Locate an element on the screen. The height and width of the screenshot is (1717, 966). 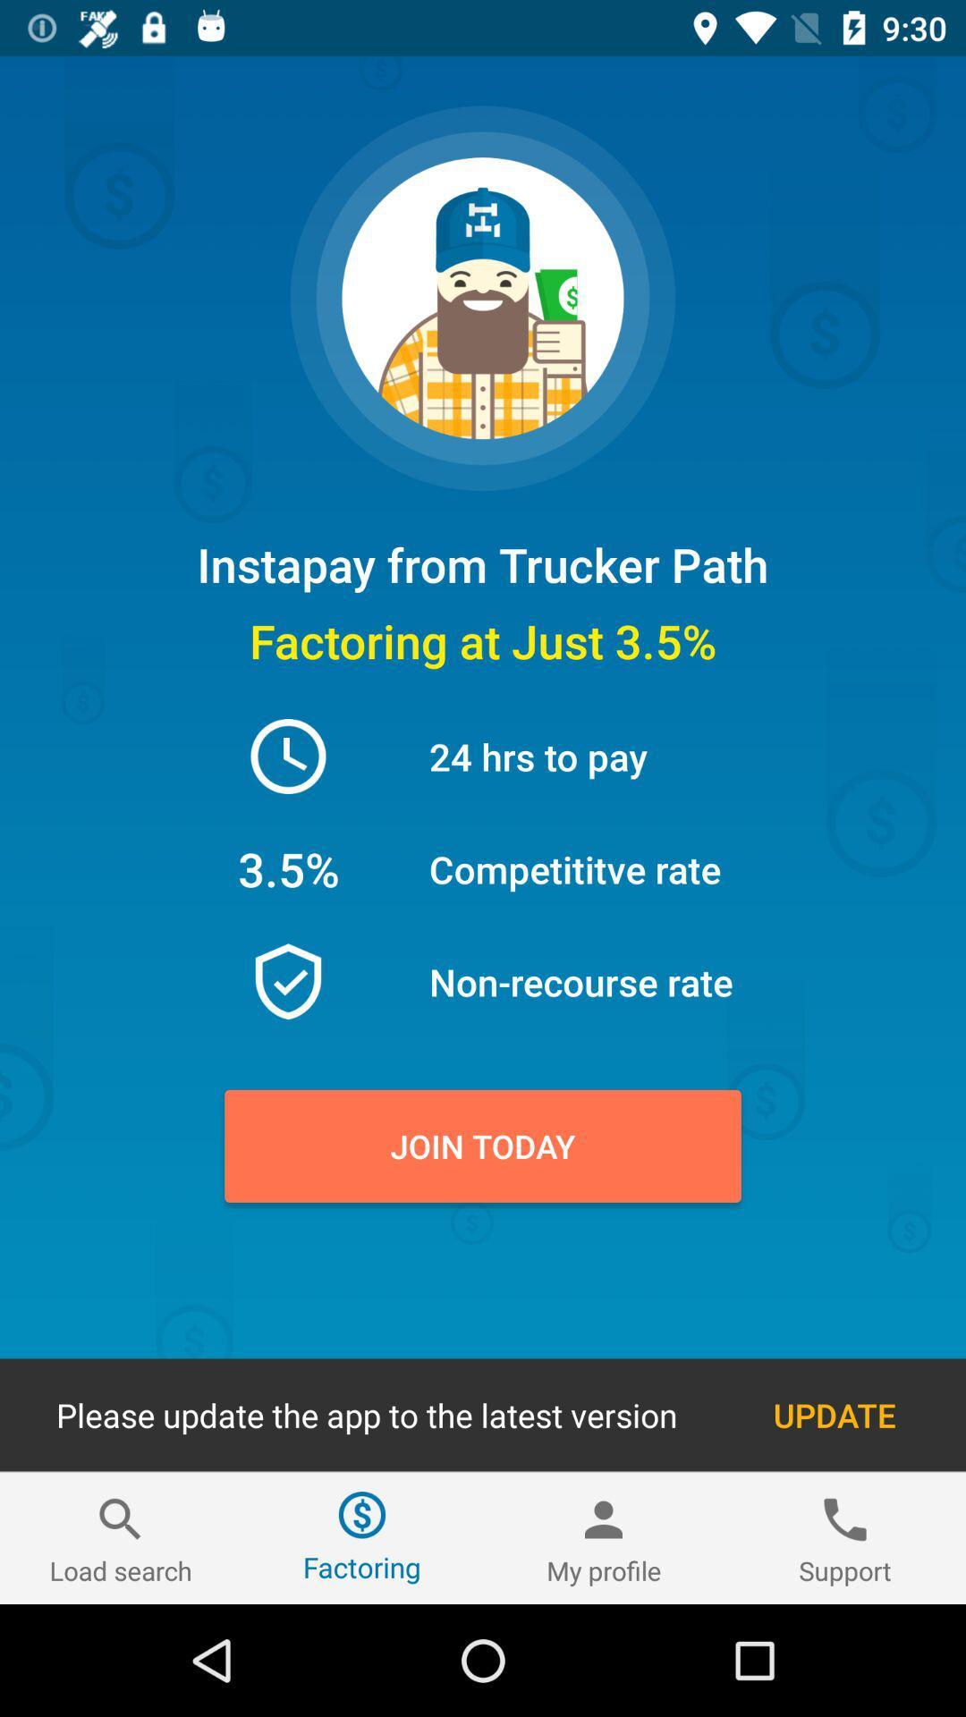
icon at the bottom left corner is located at coordinates (121, 1537).